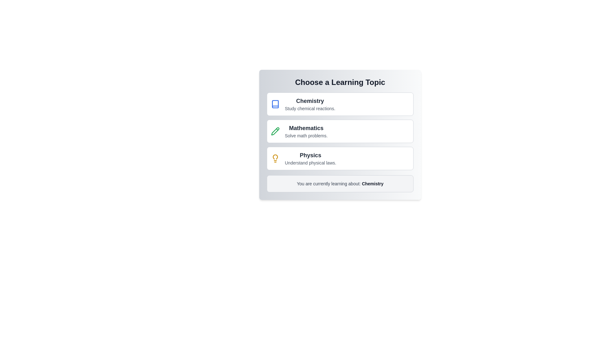  What do you see at coordinates (275, 131) in the screenshot?
I see `the green pencil icon located to the left of the text 'Mathematics' in the content box` at bounding box center [275, 131].